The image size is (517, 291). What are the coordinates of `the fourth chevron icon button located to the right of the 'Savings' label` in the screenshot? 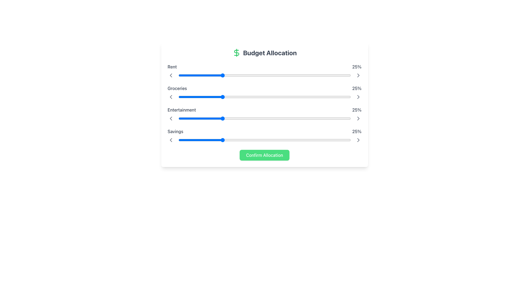 It's located at (358, 118).